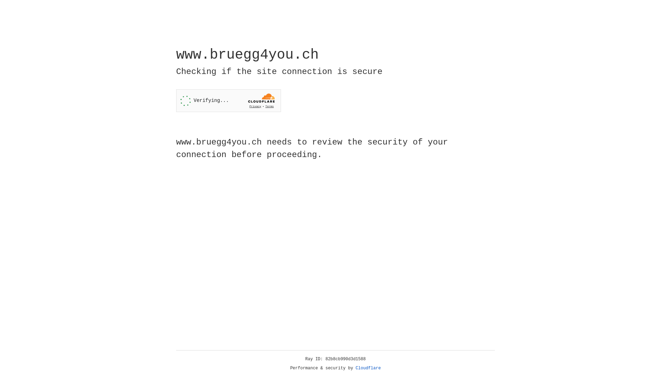 This screenshot has width=671, height=377. I want to click on 'Widget containing a Cloudflare security challenge', so click(228, 101).